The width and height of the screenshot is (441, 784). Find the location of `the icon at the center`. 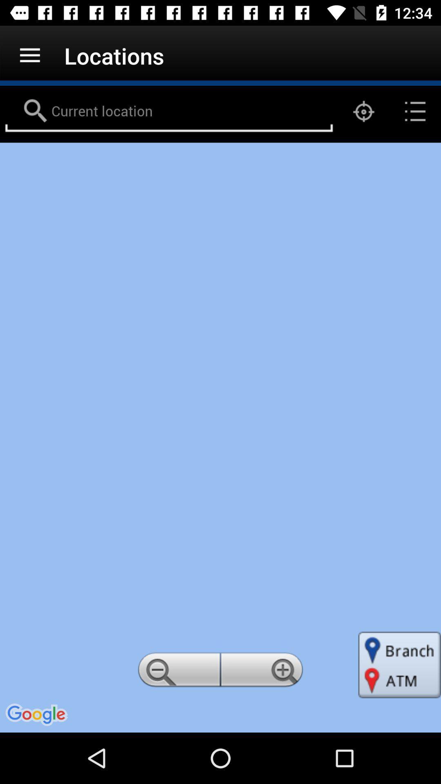

the icon at the center is located at coordinates (220, 437).